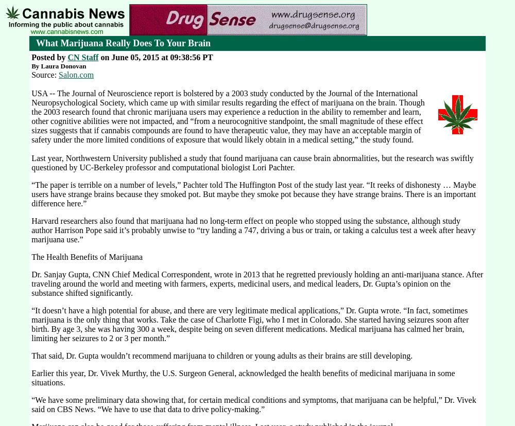 The height and width of the screenshot is (426, 515). I want to click on 'CN Staff', so click(83, 57).